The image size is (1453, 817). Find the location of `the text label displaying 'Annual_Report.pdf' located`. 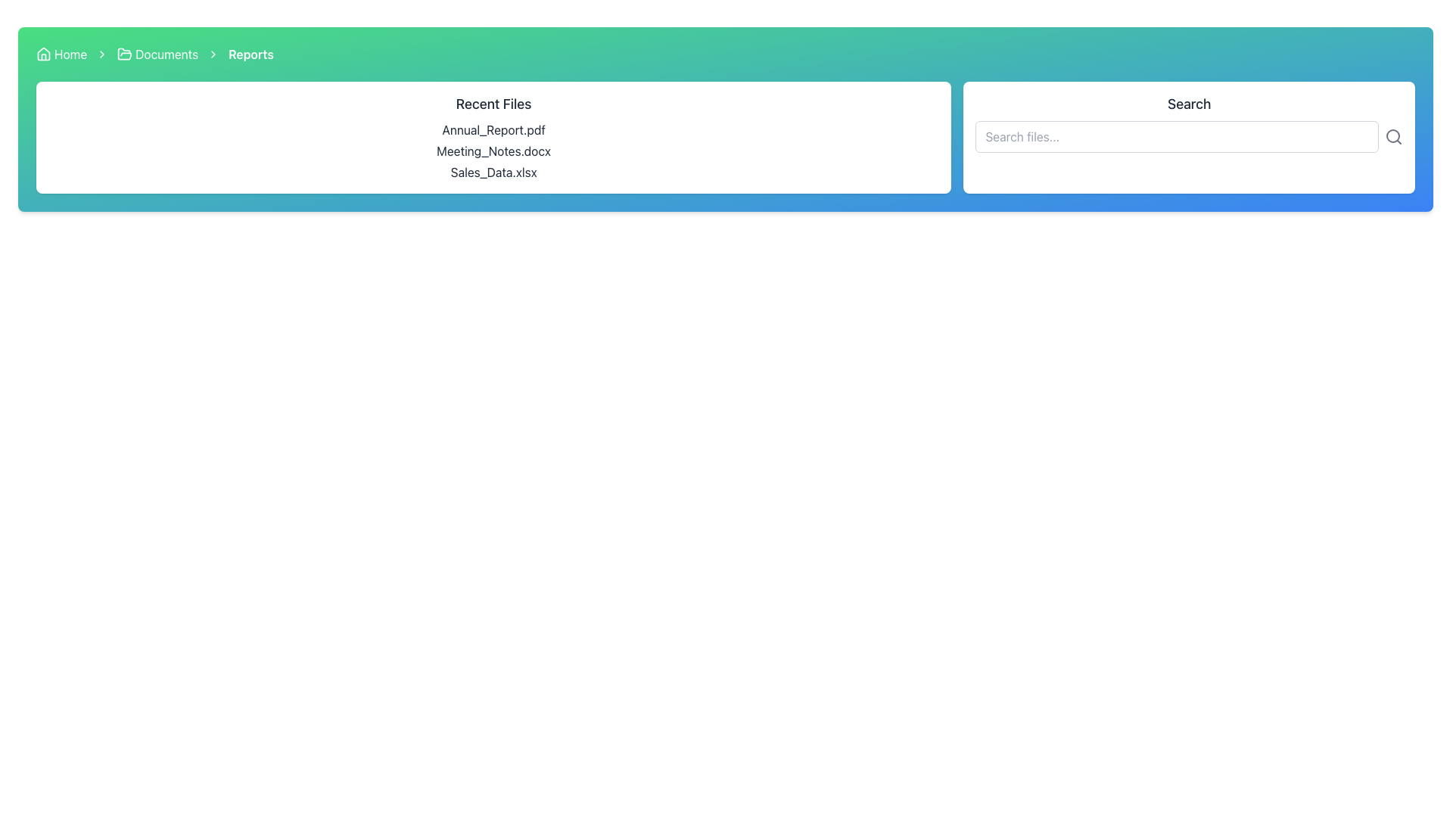

the text label displaying 'Annual_Report.pdf' located is located at coordinates (493, 129).